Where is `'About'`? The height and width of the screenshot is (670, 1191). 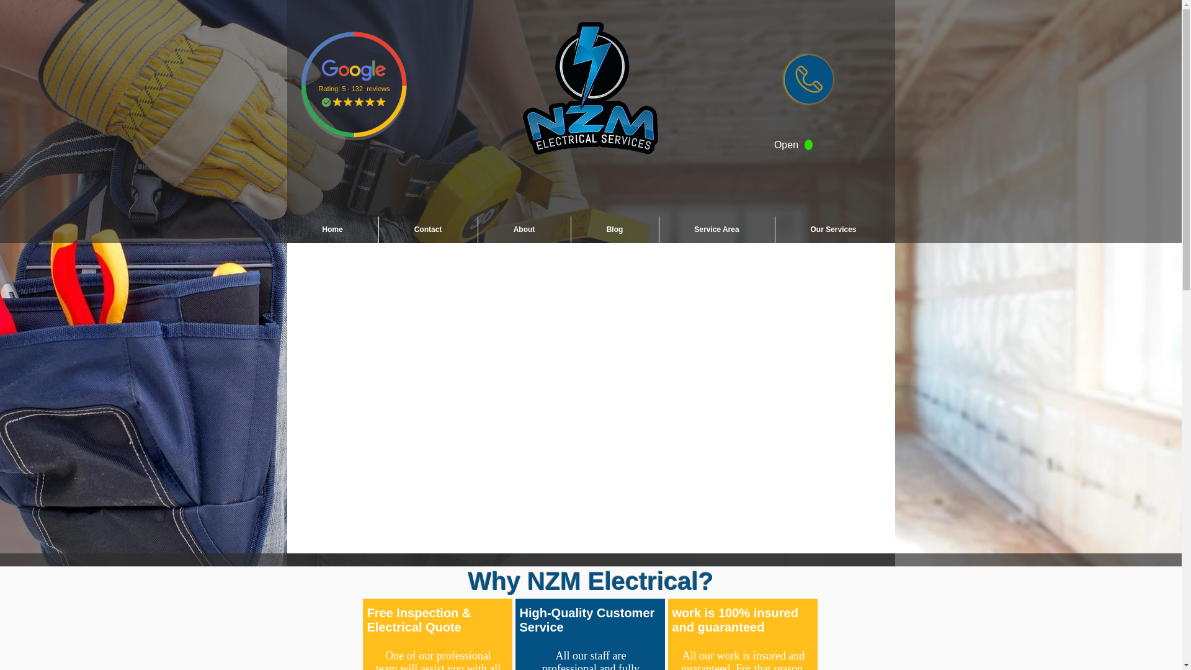 'About' is located at coordinates (476, 230).